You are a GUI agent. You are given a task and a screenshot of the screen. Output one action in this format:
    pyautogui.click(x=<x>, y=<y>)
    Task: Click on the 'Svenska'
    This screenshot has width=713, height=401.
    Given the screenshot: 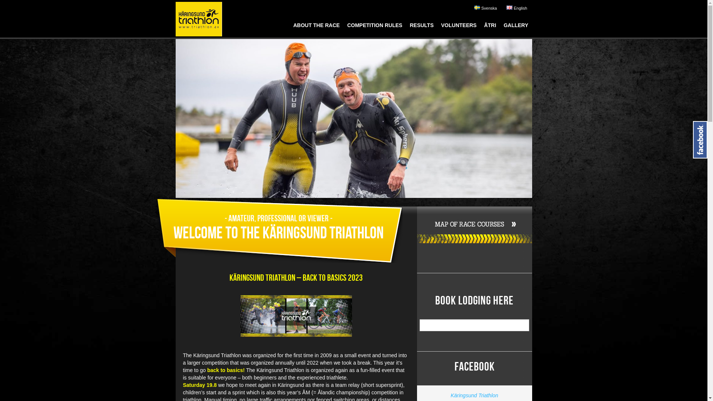 What is the action you would take?
    pyautogui.click(x=485, y=8)
    